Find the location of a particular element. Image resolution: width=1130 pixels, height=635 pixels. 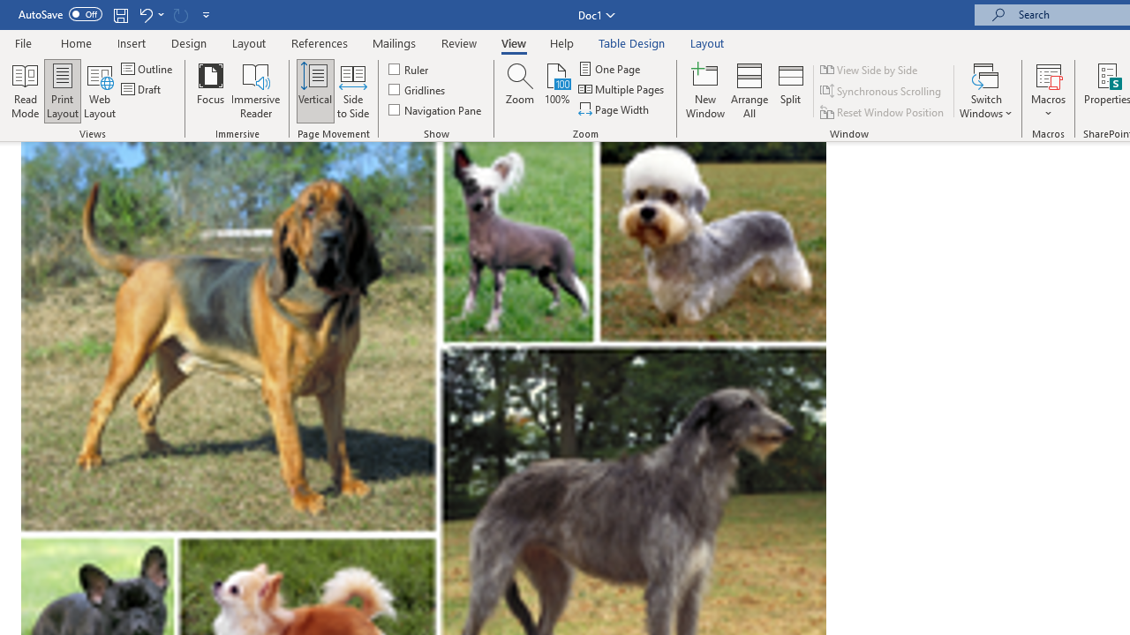

'Zoom...' is located at coordinates (519, 91).